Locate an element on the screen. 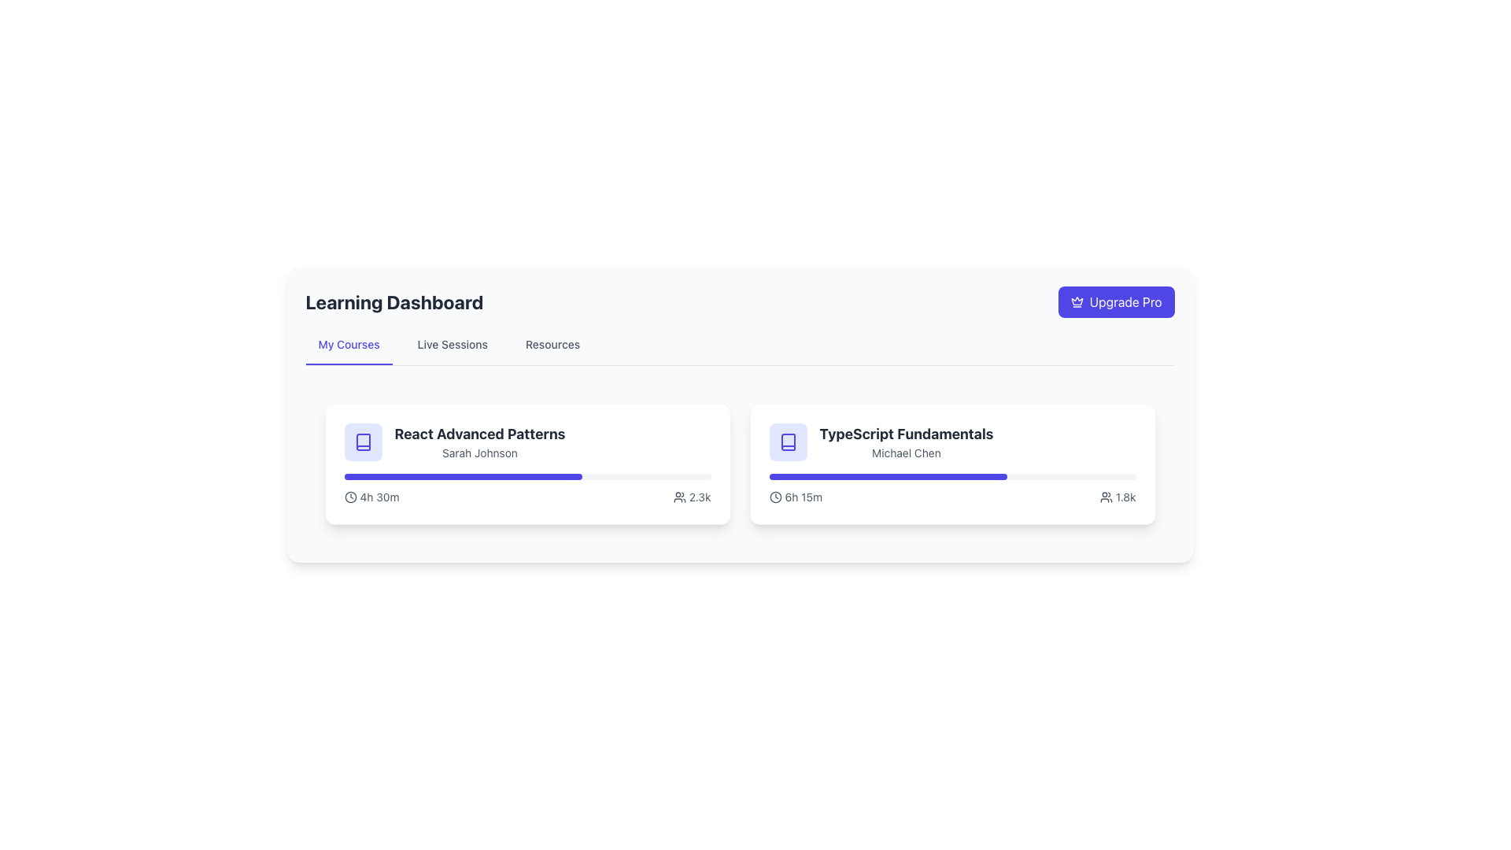 The image size is (1511, 850). the progress bar located in the 'TypeScript Fundamentals' card, positioned horizontally beneath the title 'TypeScript Fundamentals' is located at coordinates (951, 475).